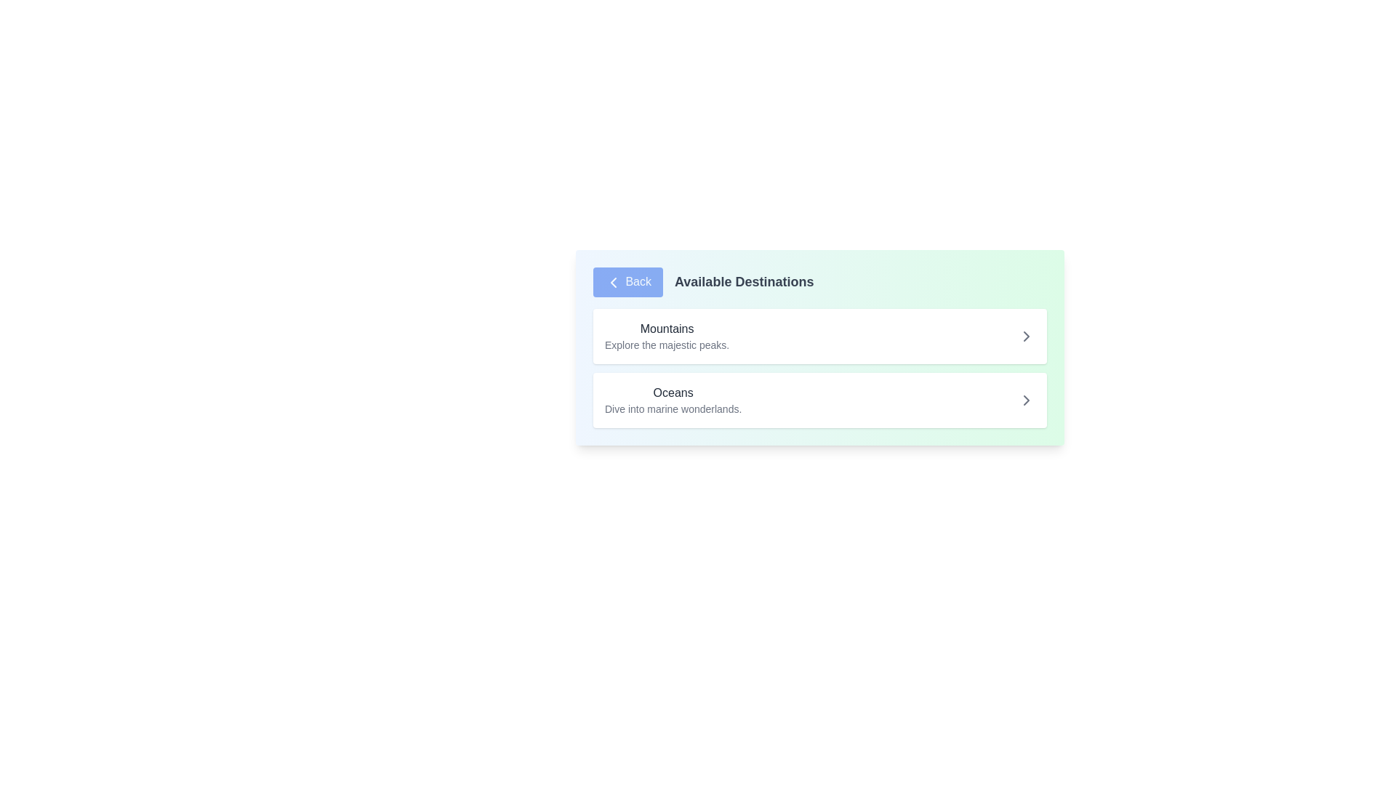 Image resolution: width=1396 pixels, height=785 pixels. What do you see at coordinates (666, 336) in the screenshot?
I see `the informative text component displaying 'Mountains' in bold, dark gray font, which is part of a list of selectable destinations` at bounding box center [666, 336].